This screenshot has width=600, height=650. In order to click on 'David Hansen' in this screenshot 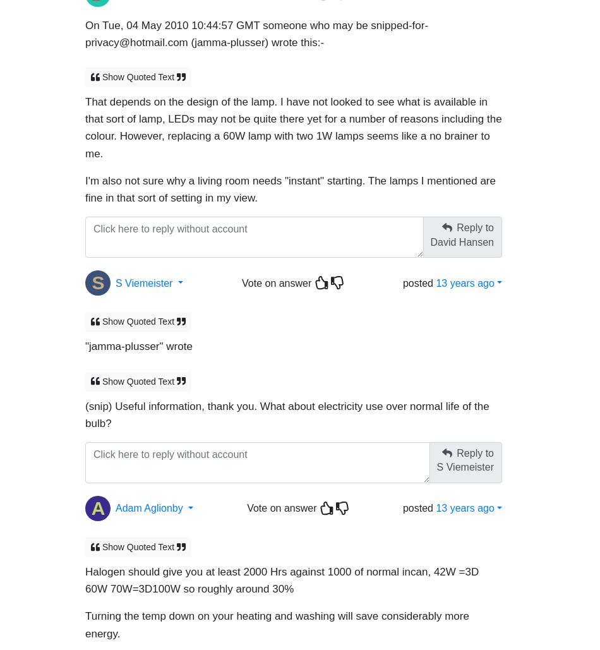, I will do `click(461, 235)`.